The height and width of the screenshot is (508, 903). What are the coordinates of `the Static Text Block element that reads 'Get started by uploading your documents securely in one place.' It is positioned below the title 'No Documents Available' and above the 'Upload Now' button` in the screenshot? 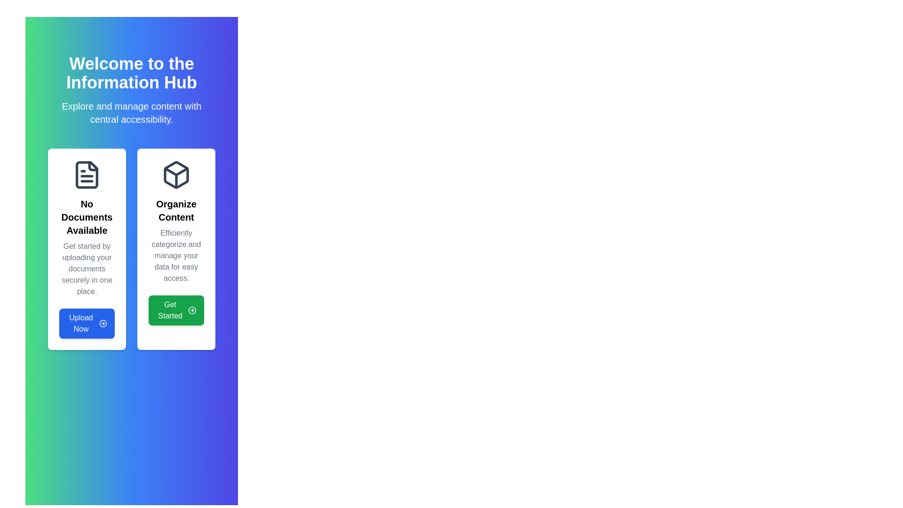 It's located at (87, 269).